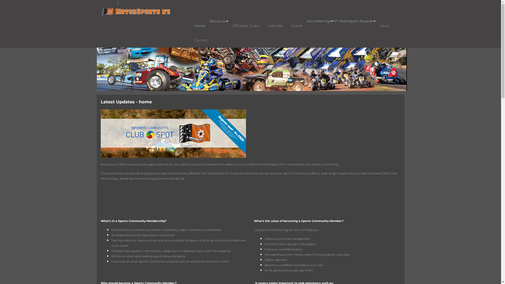 The image size is (505, 284). What do you see at coordinates (385, 26) in the screenshot?
I see `'News'` at bounding box center [385, 26].